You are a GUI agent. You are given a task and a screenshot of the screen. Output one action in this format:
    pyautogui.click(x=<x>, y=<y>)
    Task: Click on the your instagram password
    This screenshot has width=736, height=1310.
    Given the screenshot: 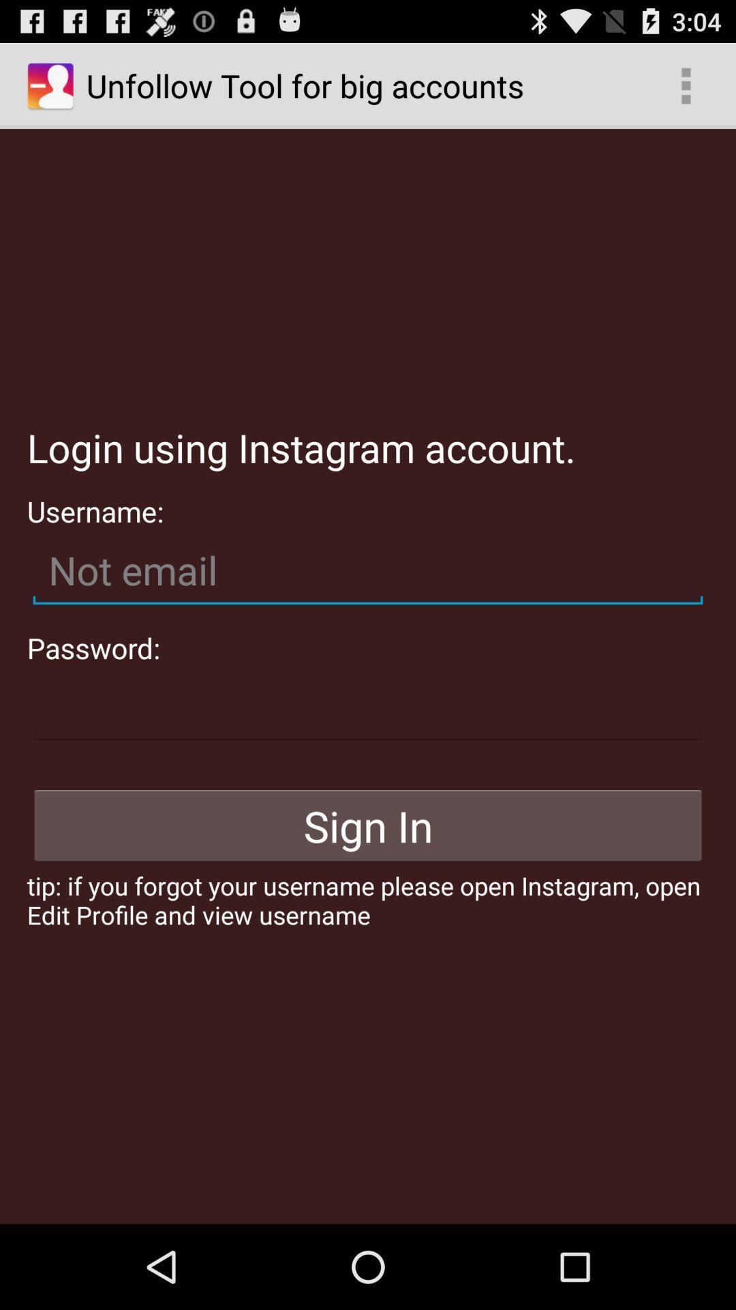 What is the action you would take?
    pyautogui.click(x=368, y=707)
    